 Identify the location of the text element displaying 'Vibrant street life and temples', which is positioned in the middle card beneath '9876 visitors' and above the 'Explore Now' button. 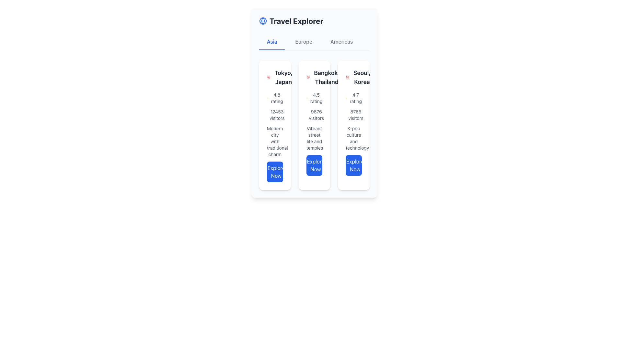
(314, 138).